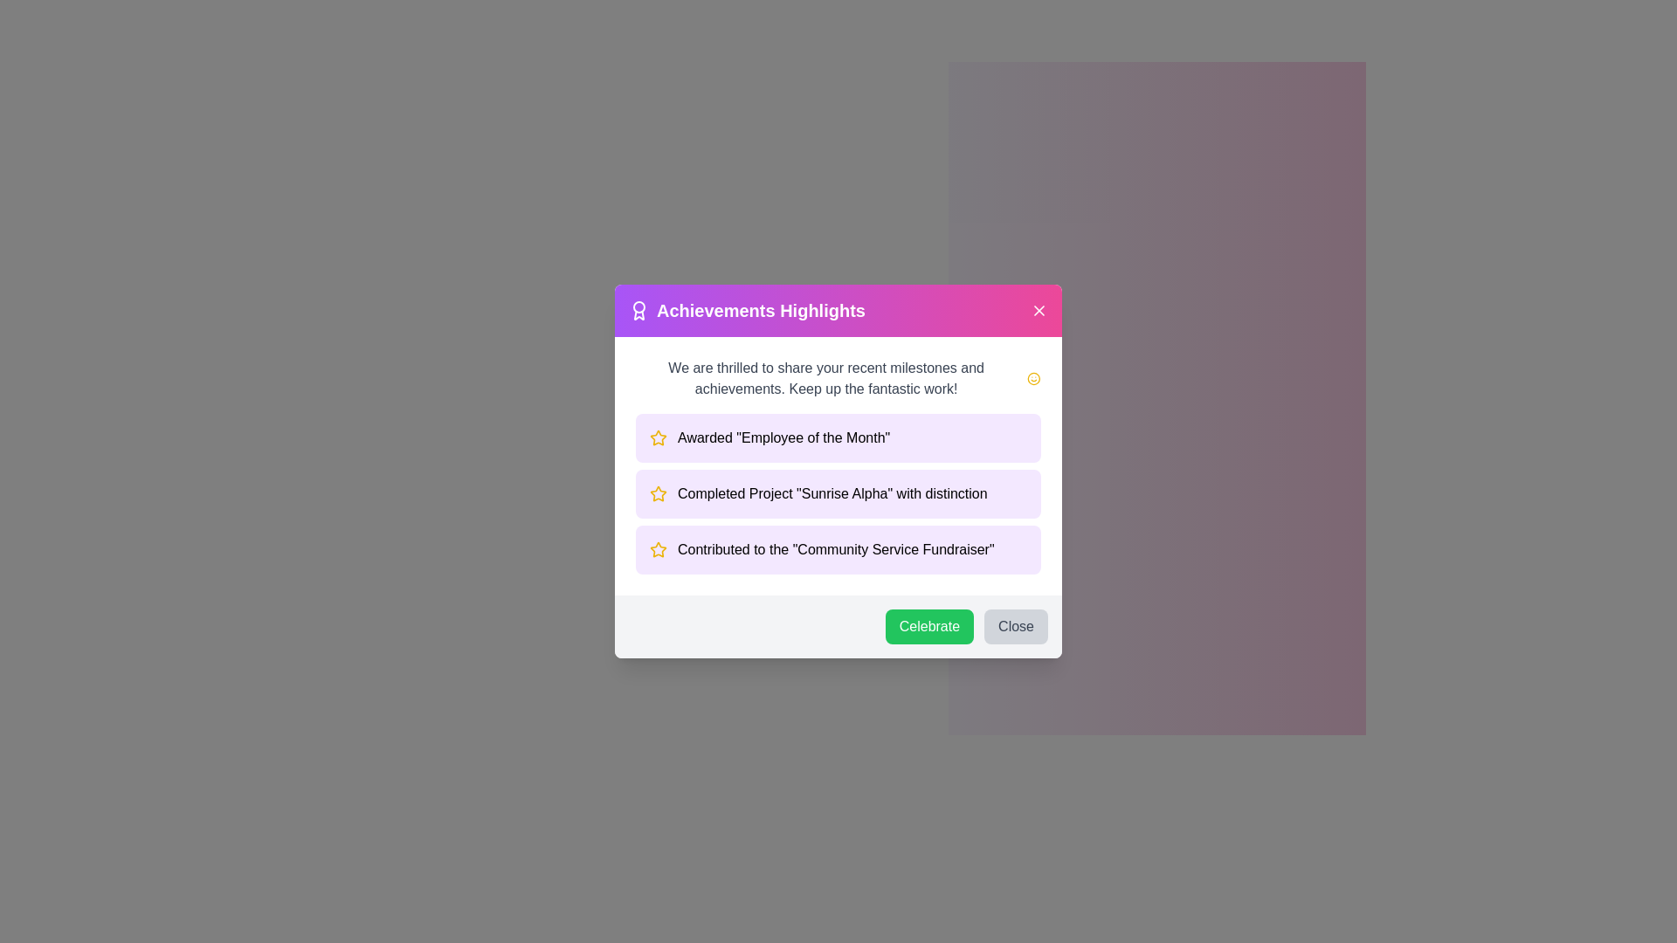  I want to click on the second star icon in the 'Achievements Highlights' modal dialog that signifies the accomplishment of 'Completed Project "Sunrise Alpha" with distinction', so click(657, 437).